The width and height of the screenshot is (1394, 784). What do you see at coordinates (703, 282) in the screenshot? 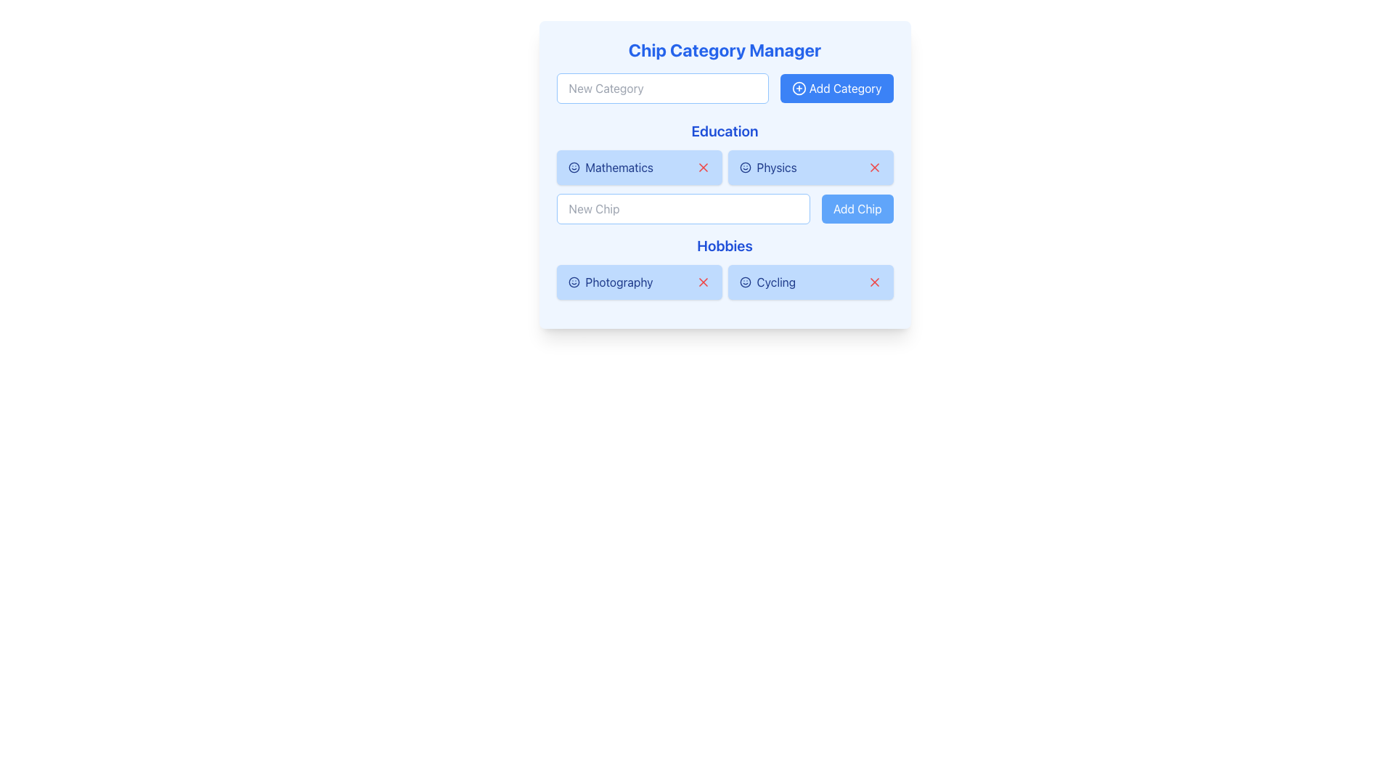
I see `the red 'X' icon located to the right of the 'Photography' label chip in the 'Hobbies' section` at bounding box center [703, 282].